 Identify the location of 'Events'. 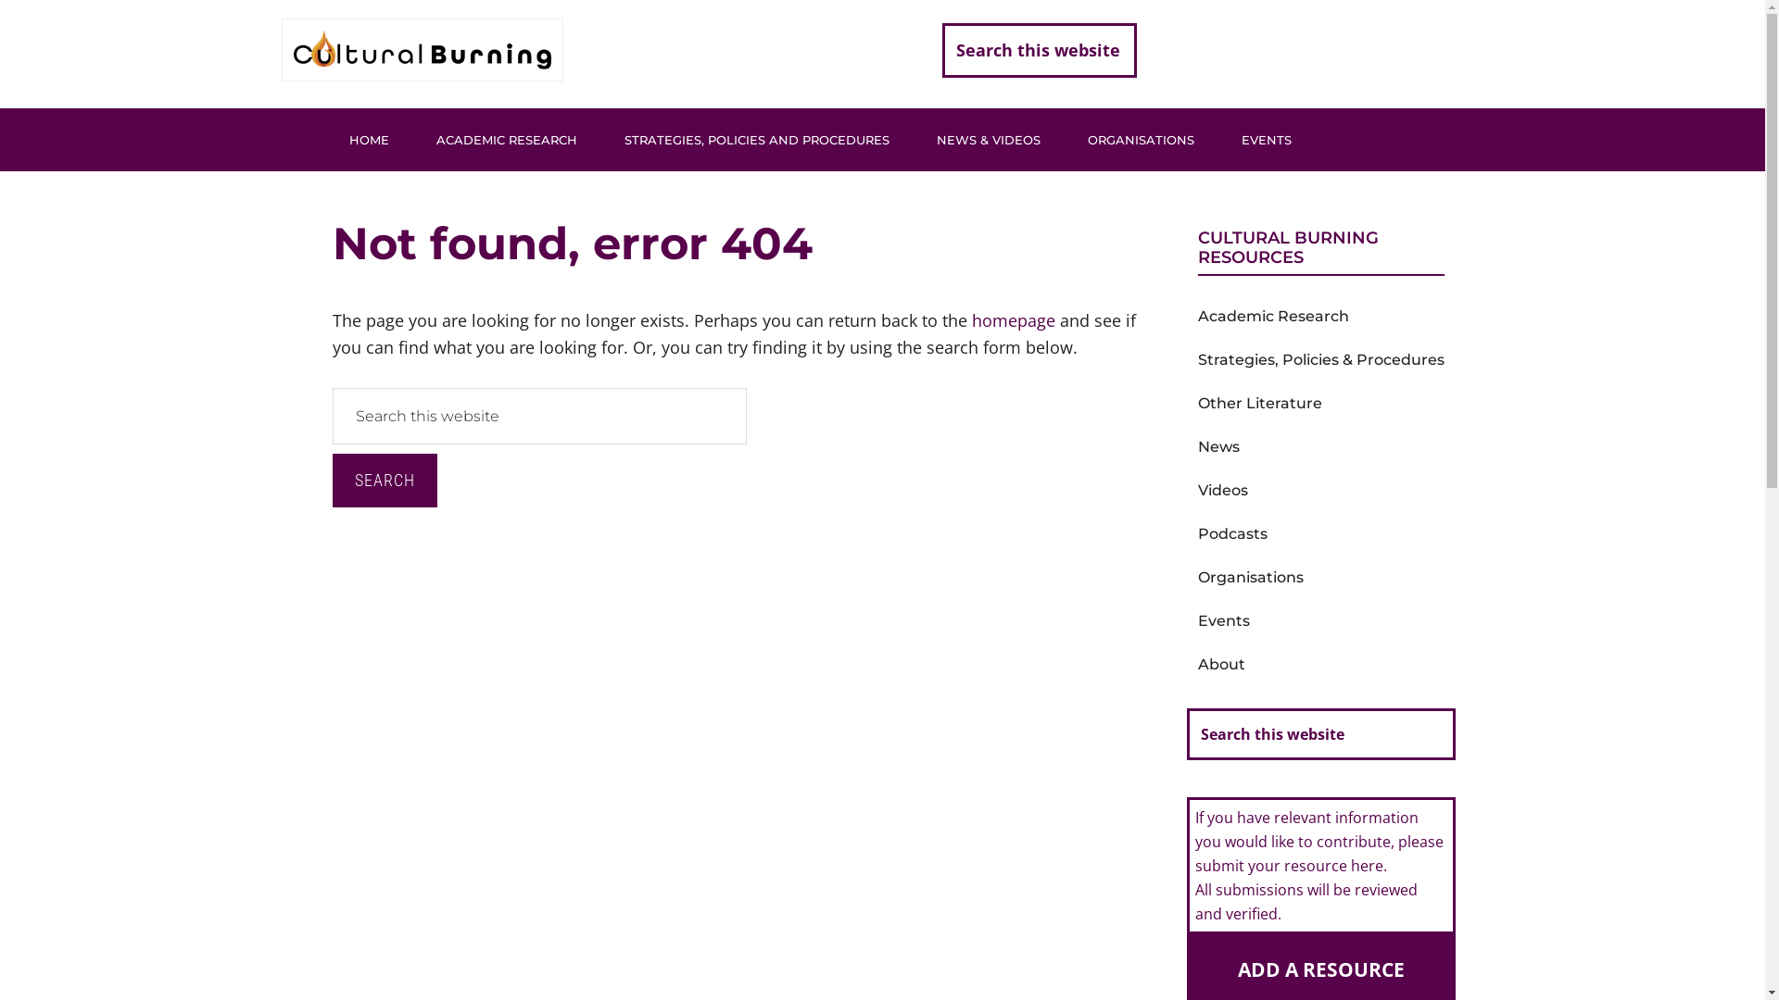
(1223, 620).